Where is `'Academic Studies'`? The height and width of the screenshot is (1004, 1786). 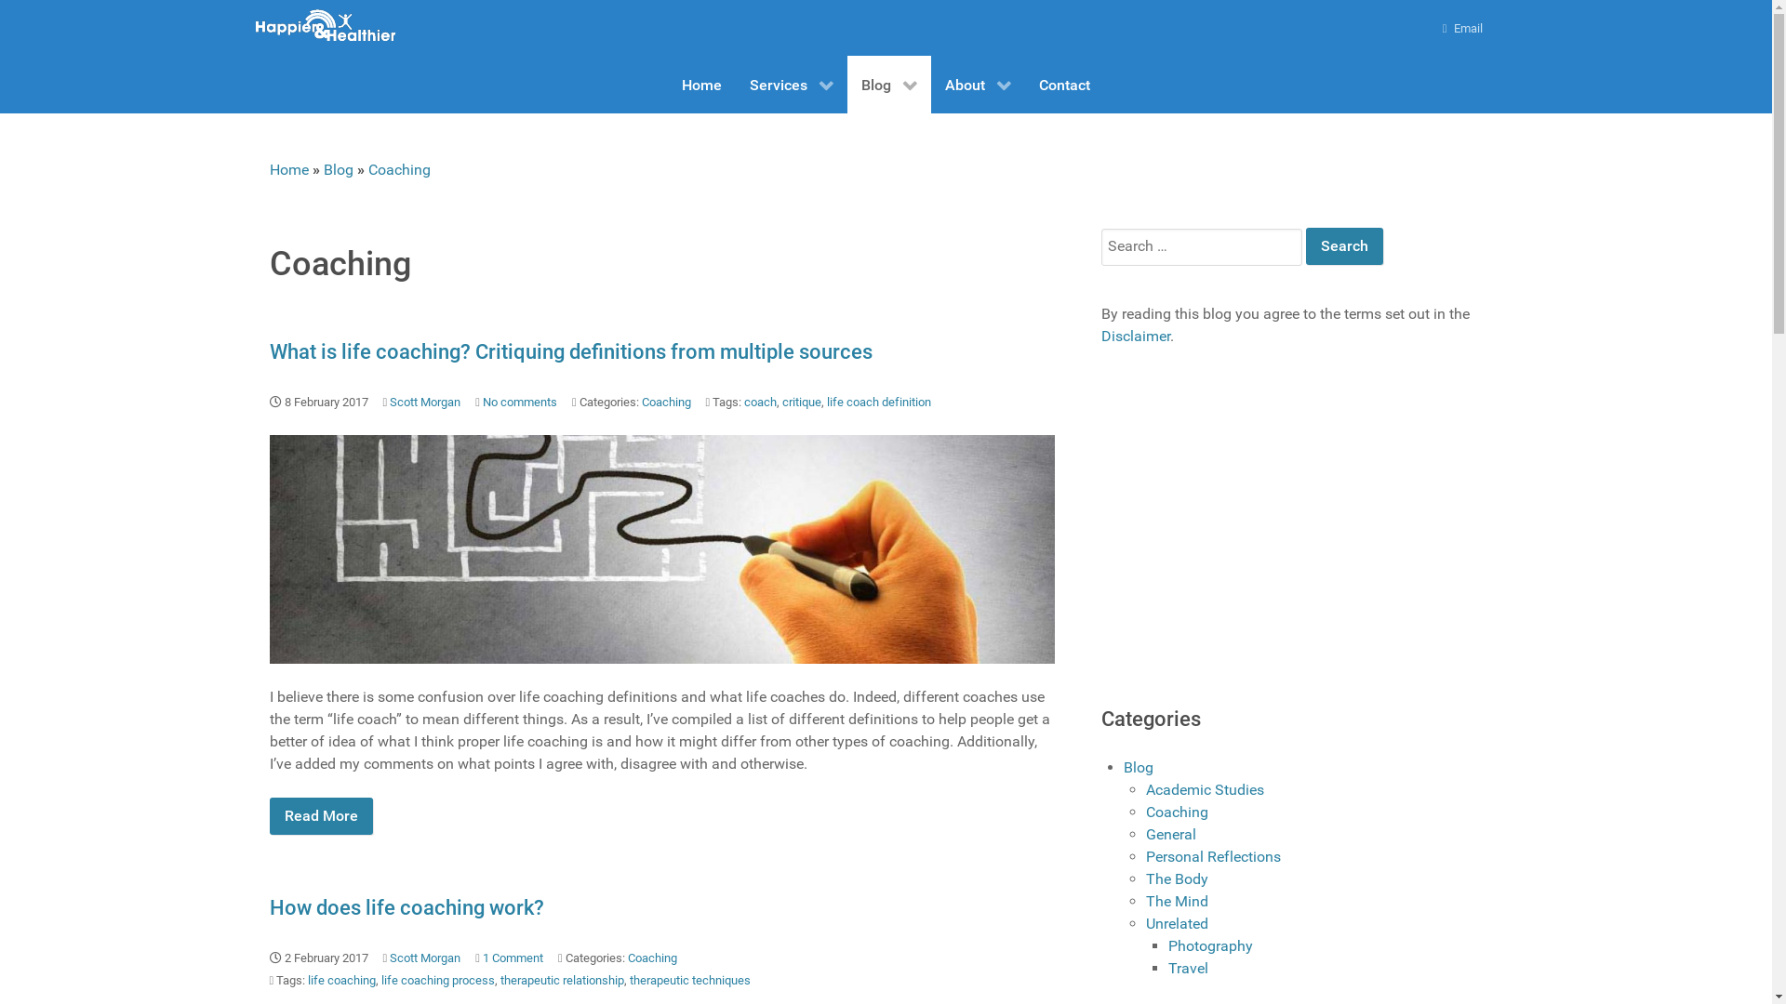
'Academic Studies' is located at coordinates (1205, 789).